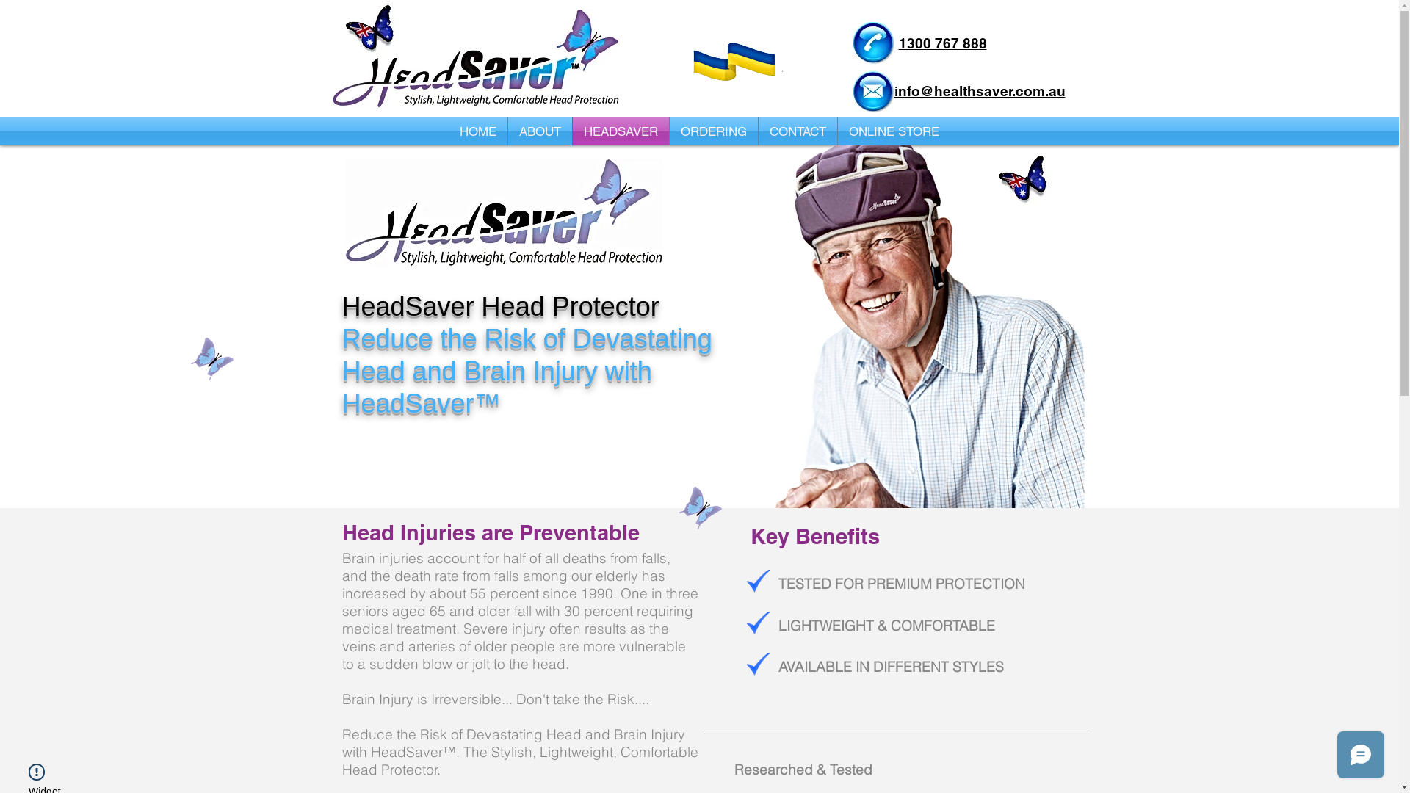 The height and width of the screenshot is (793, 1410). I want to click on 'CONTACT', so click(797, 130).